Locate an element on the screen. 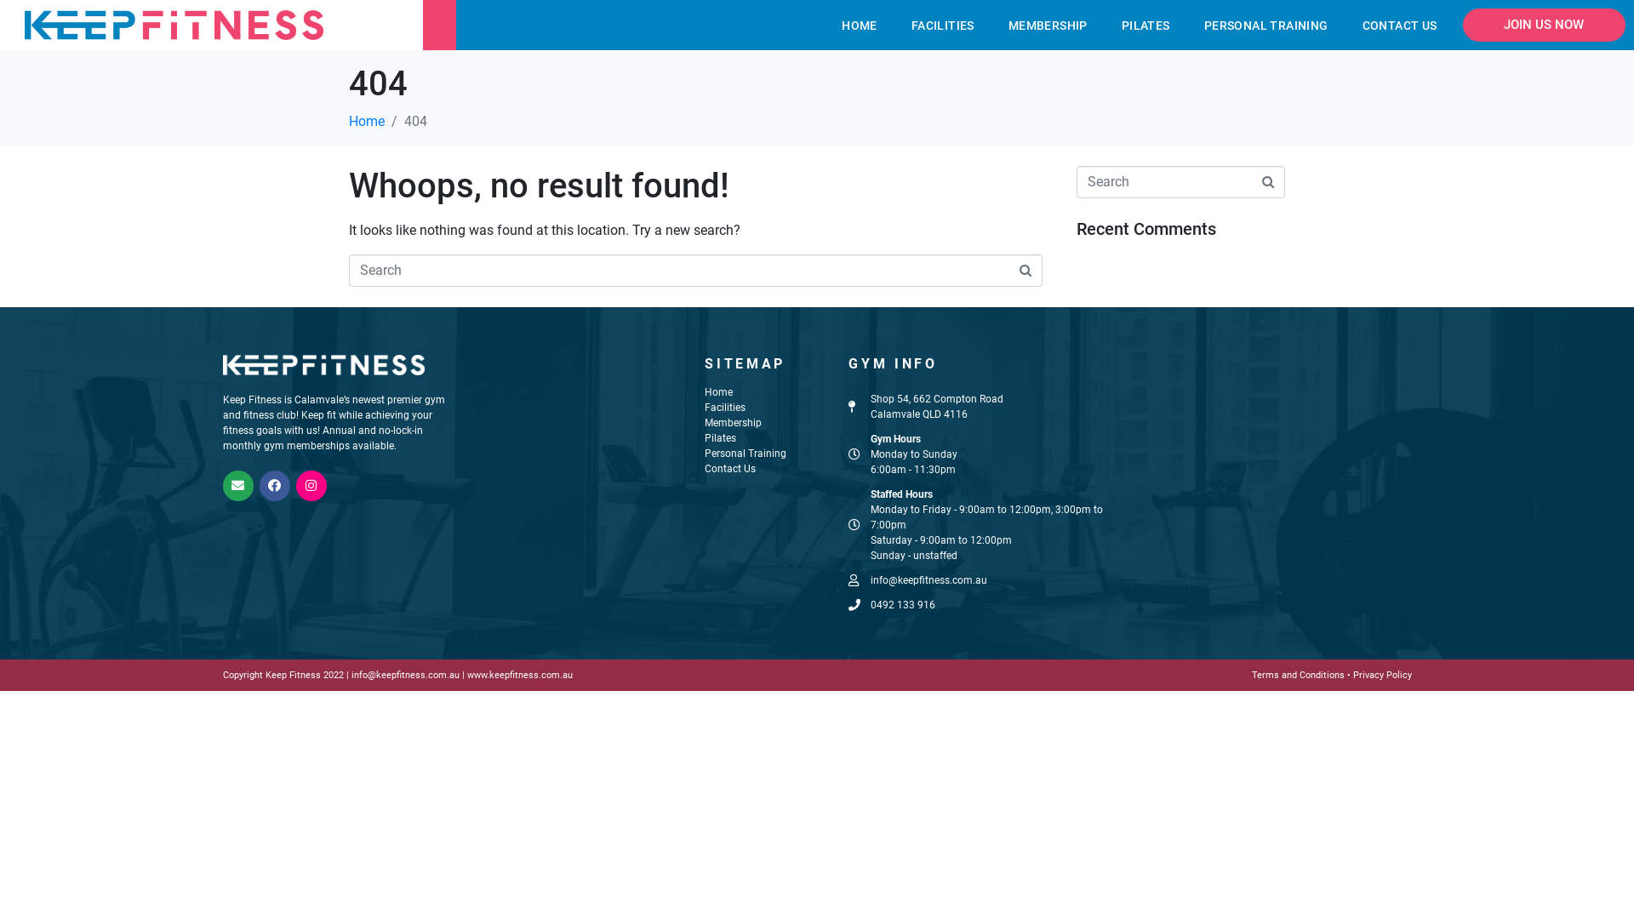  'Home' is located at coordinates (366, 120).